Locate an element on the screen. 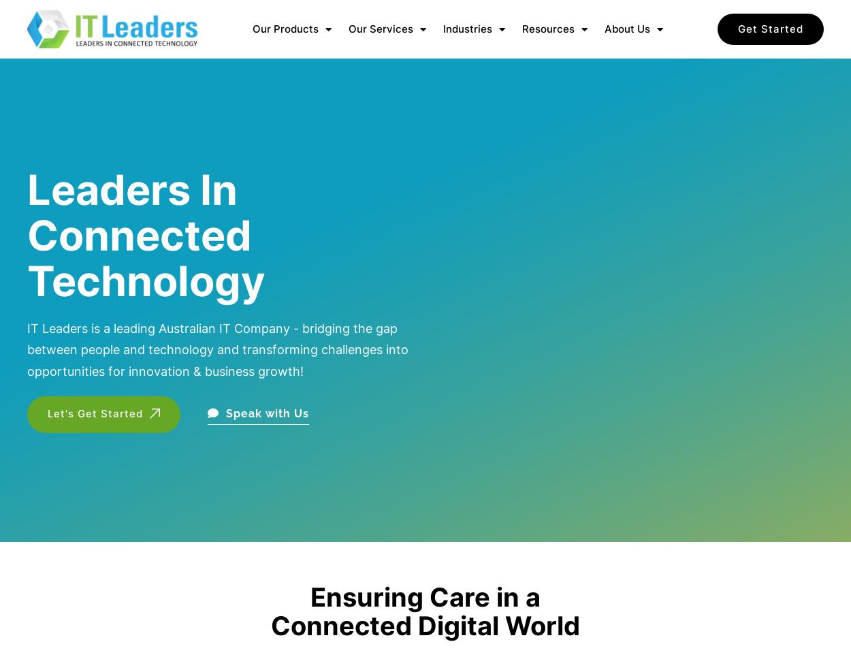 This screenshot has height=657, width=851. 'Leaders In Connected Technology' is located at coordinates (145, 235).